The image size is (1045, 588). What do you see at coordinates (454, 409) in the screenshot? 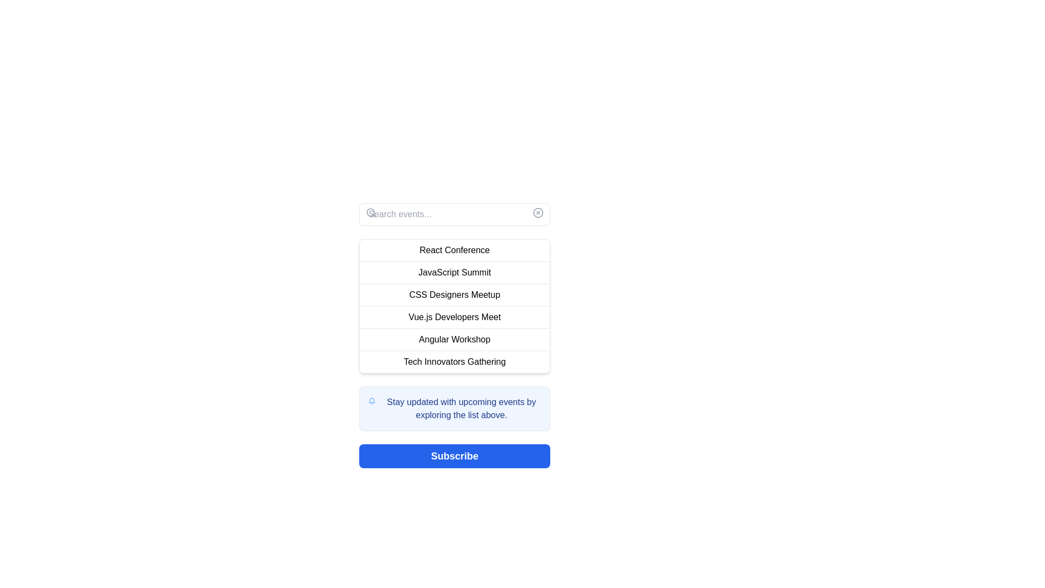
I see `the informational box that prompts users` at bounding box center [454, 409].